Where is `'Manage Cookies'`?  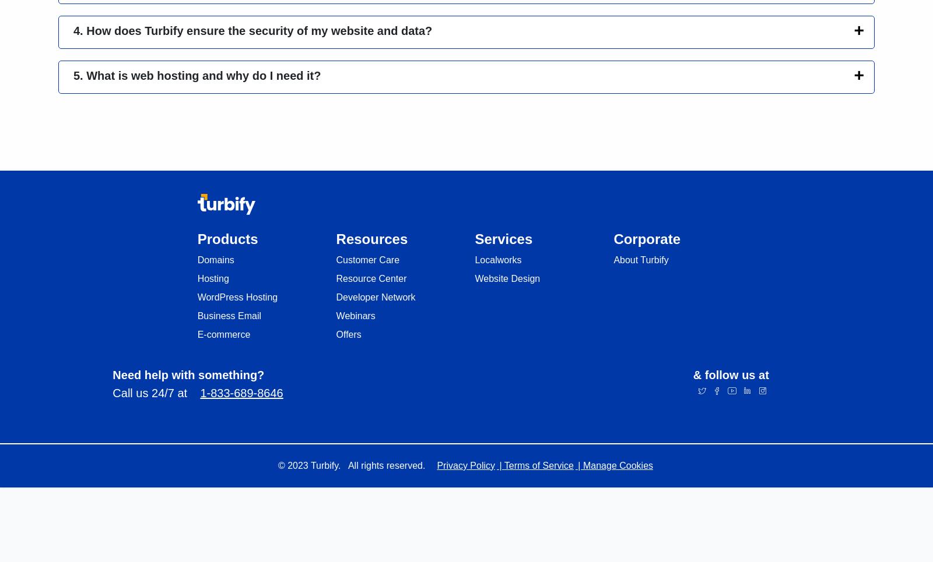 'Manage Cookies' is located at coordinates (582, 465).